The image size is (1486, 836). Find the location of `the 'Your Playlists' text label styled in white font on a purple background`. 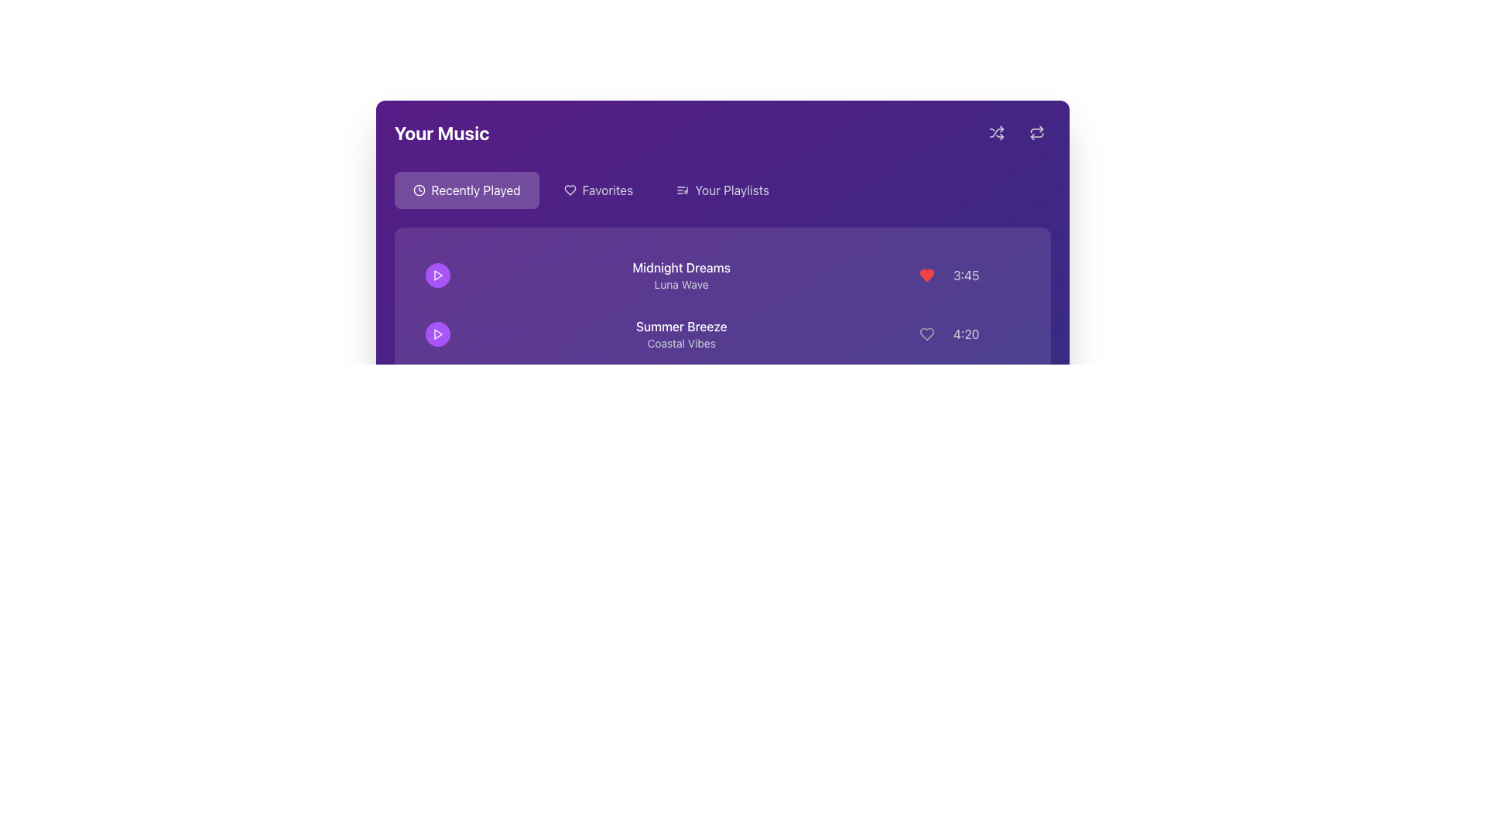

the 'Your Playlists' text label styled in white font on a purple background is located at coordinates (731, 190).